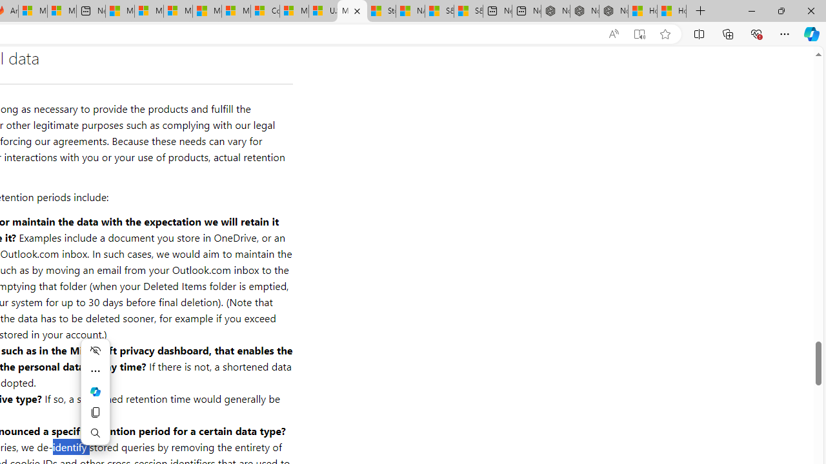  I want to click on 'Consumer Health Data Privacy Policy', so click(264, 11).